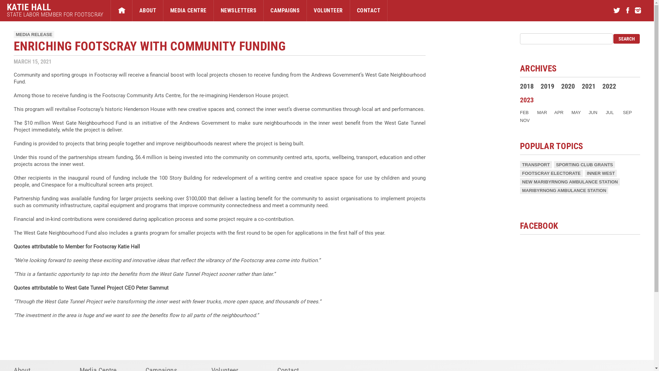 This screenshot has height=371, width=659. Describe the element at coordinates (592, 112) in the screenshot. I see `'JUN'` at that location.